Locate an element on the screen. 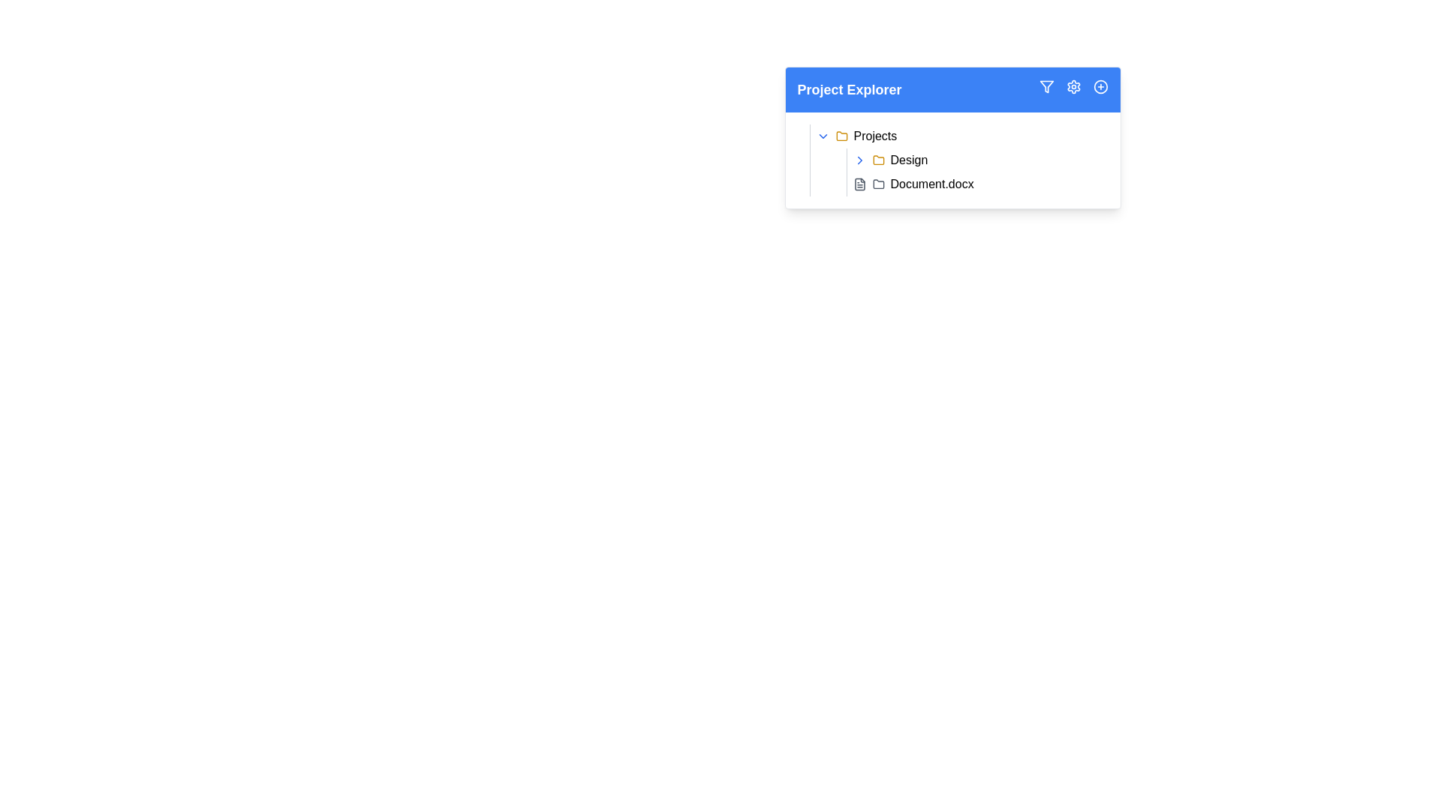 This screenshot has width=1441, height=810. the file in the Navigation pane is located at coordinates (952, 138).